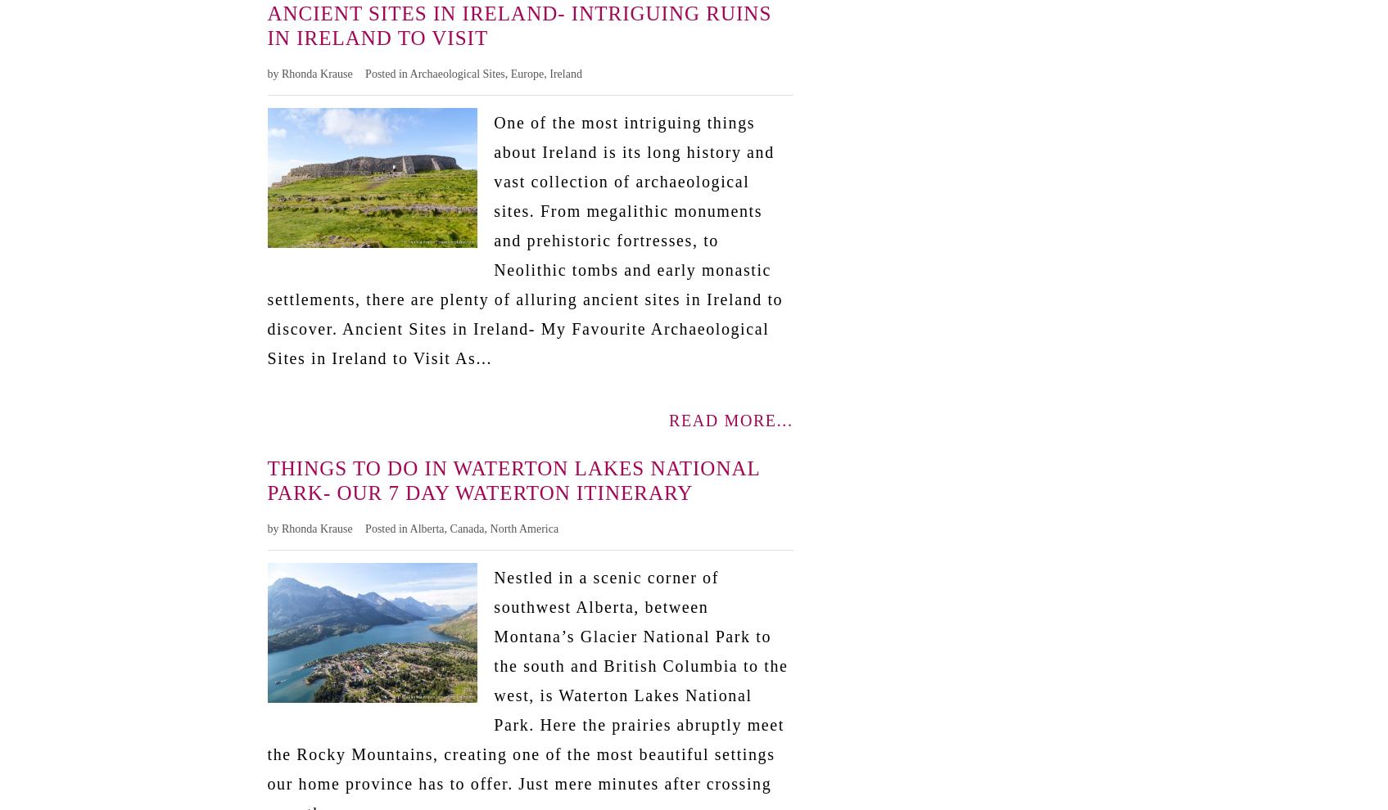 Image resolution: width=1388 pixels, height=810 pixels. Describe the element at coordinates (409, 528) in the screenshot. I see `'Alberta'` at that location.